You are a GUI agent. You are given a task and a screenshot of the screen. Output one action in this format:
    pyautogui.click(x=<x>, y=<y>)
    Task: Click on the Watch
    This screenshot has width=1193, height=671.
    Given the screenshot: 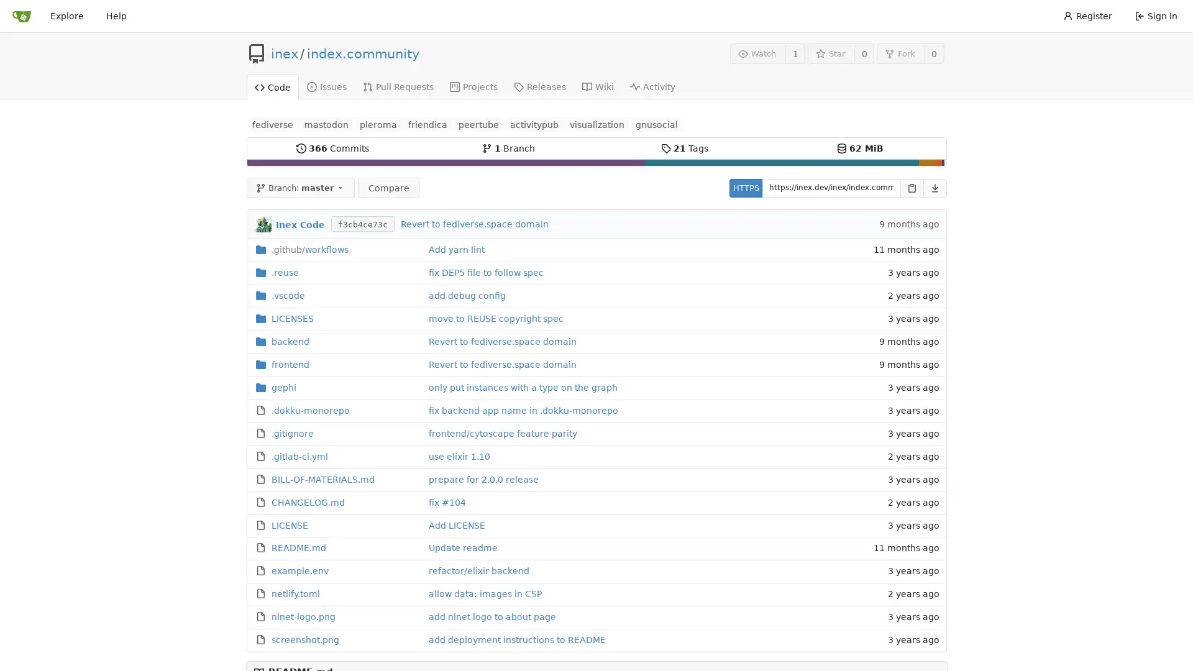 What is the action you would take?
    pyautogui.click(x=757, y=53)
    